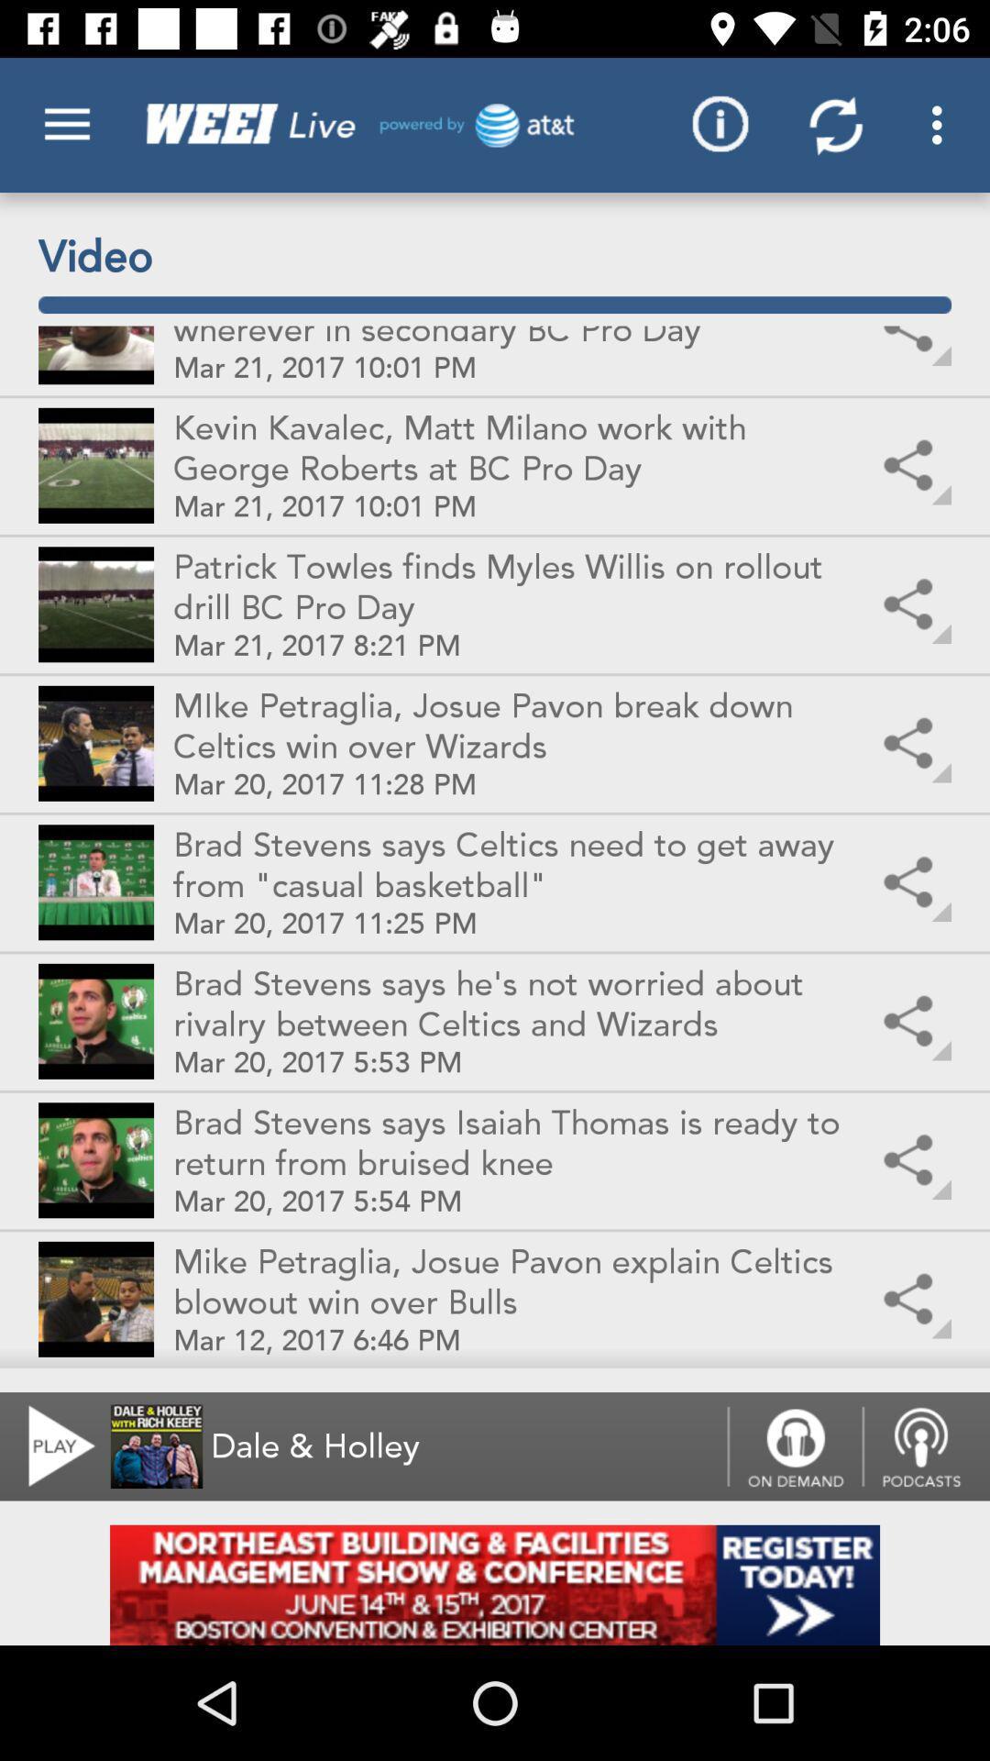 The image size is (990, 1761). I want to click on the 6th share icon, so click(912, 1021).